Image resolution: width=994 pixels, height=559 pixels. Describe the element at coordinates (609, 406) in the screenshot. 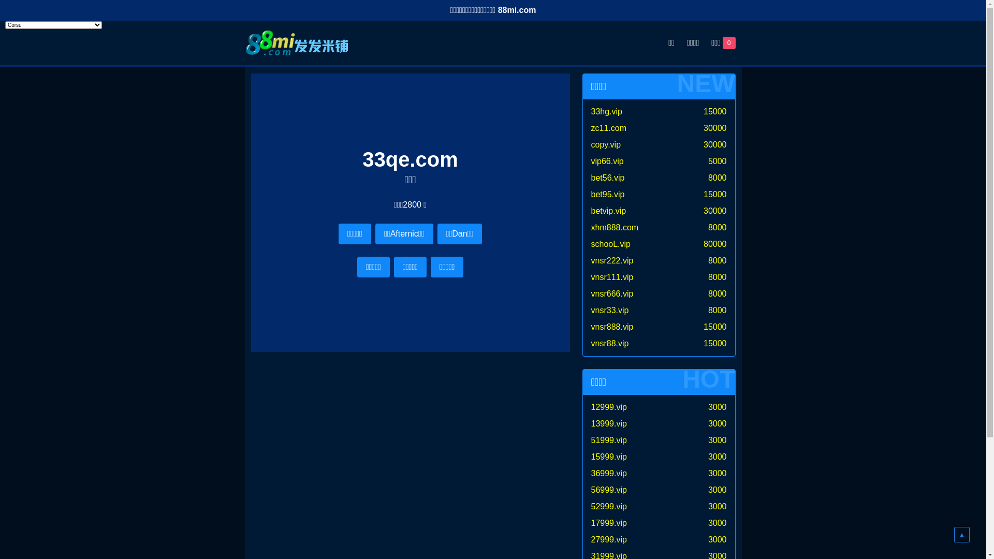

I see `'12999.vip'` at that location.